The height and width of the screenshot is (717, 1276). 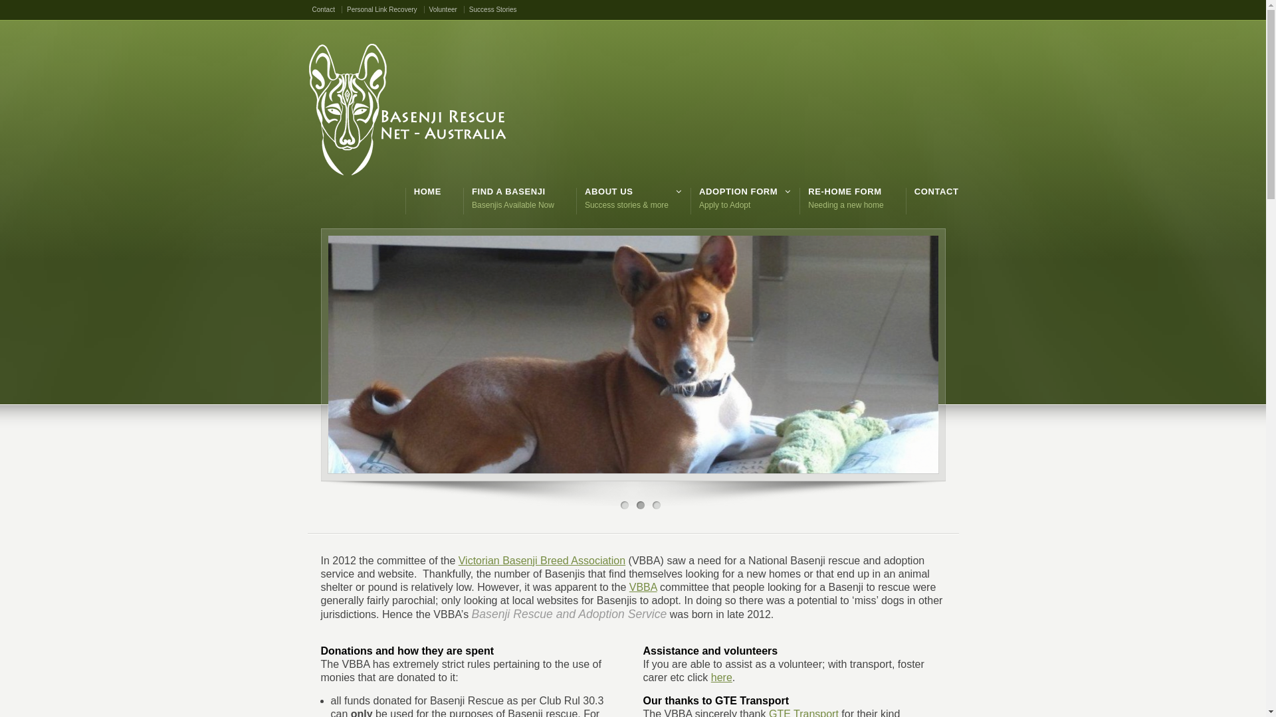 What do you see at coordinates (641, 505) in the screenshot?
I see `'2'` at bounding box center [641, 505].